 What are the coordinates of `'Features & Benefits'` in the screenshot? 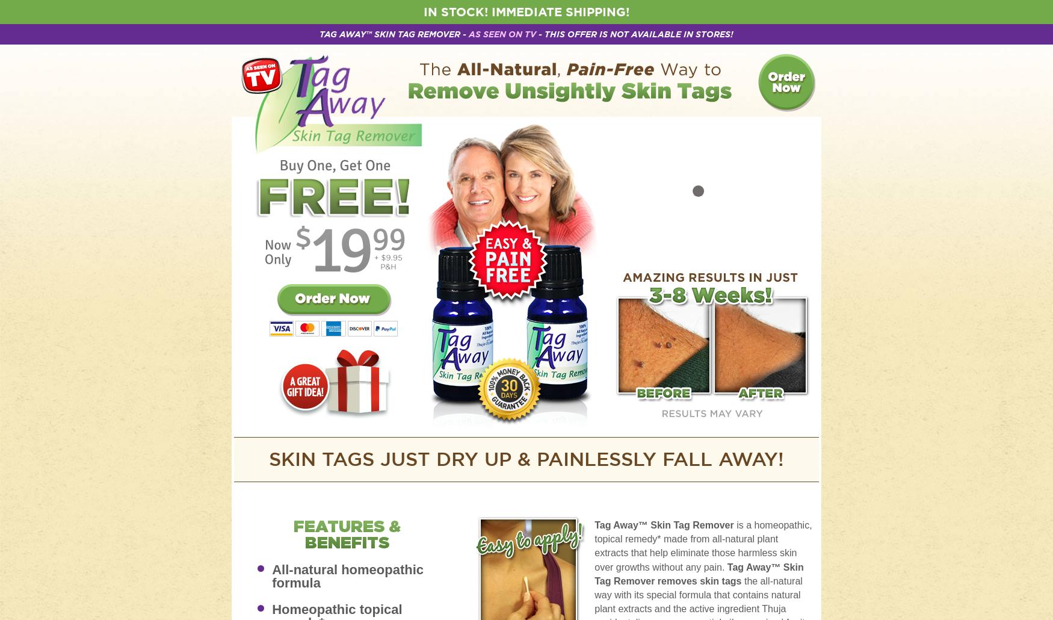 It's located at (346, 533).